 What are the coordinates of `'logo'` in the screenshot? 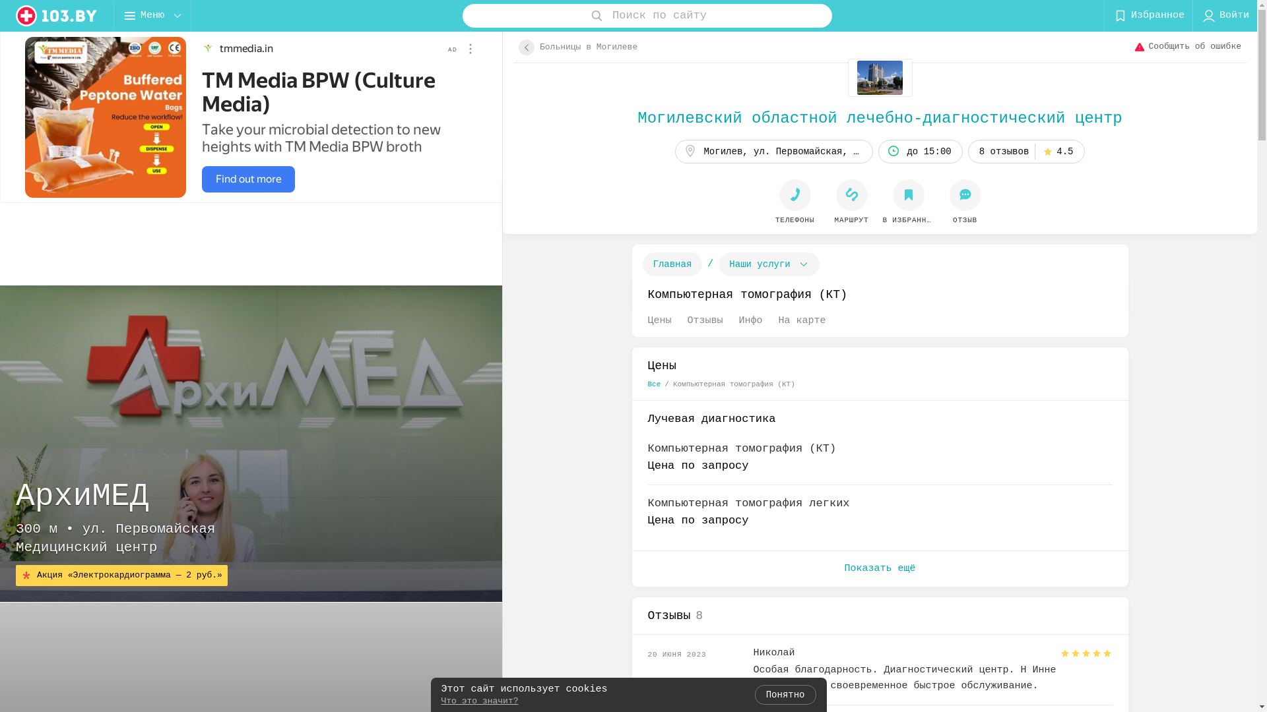 It's located at (56, 15).